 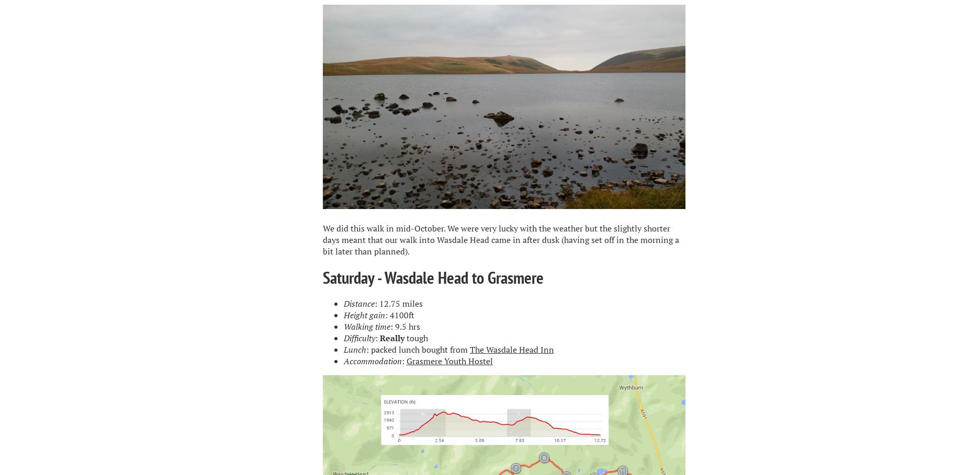 I want to click on 'Distance', so click(x=343, y=303).